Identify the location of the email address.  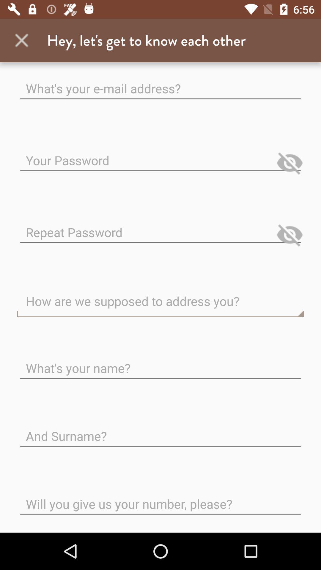
(160, 83).